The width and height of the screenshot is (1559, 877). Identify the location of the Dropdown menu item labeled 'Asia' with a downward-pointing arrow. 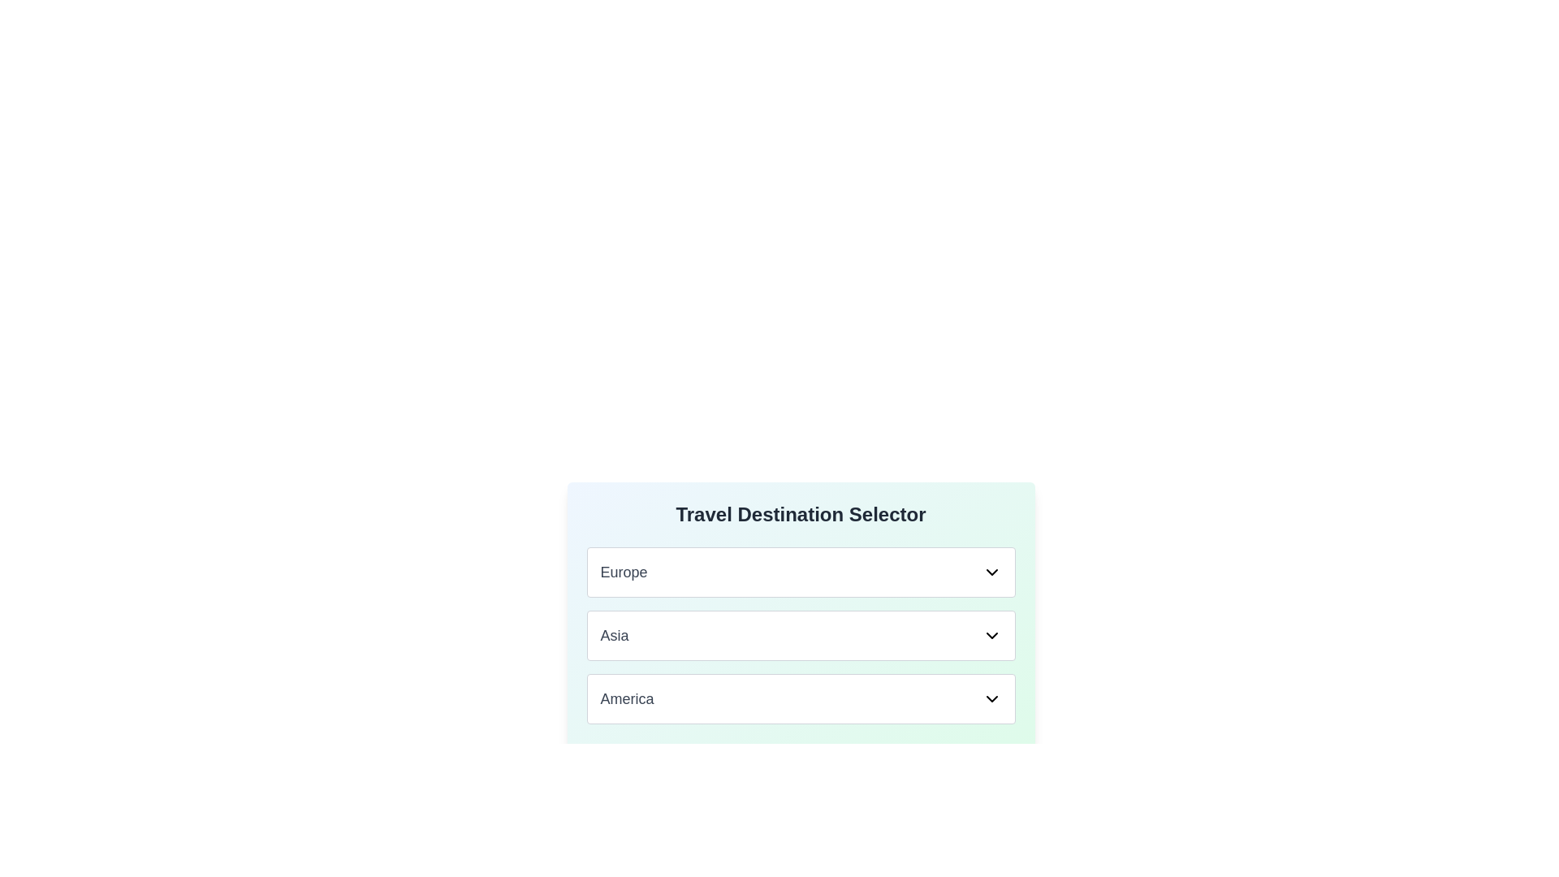
(801, 635).